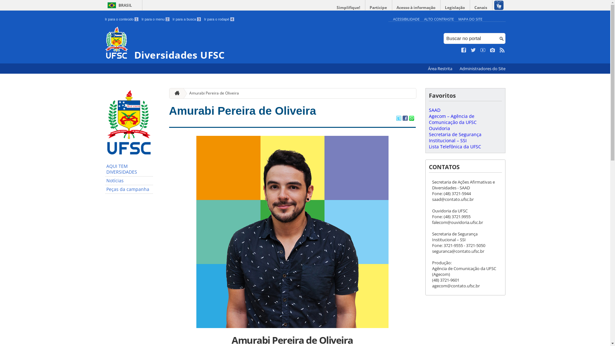 This screenshot has height=346, width=615. Describe the element at coordinates (105, 169) in the screenshot. I see `'AQUI TEM DIVERSIDADES'` at that location.